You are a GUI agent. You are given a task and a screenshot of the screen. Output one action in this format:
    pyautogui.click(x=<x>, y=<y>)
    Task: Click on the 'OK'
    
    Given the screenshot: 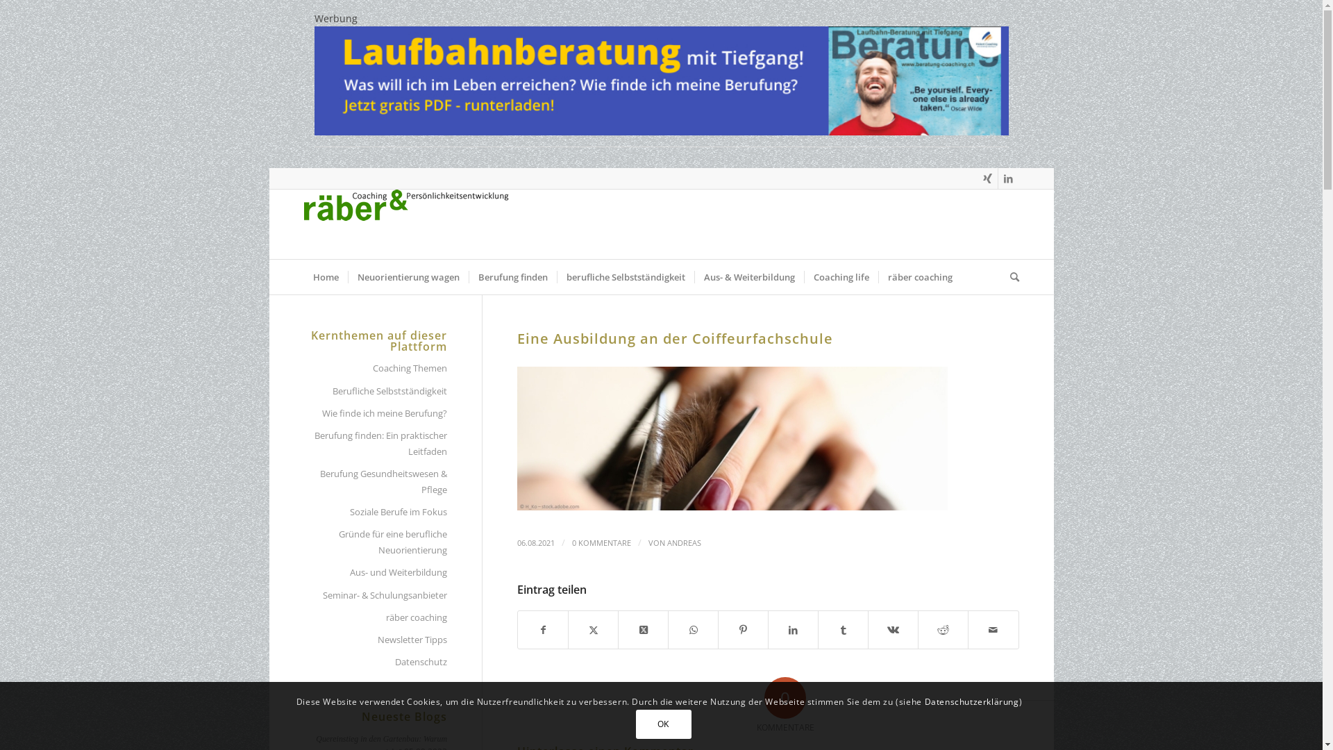 What is the action you would take?
    pyautogui.click(x=635, y=723)
    